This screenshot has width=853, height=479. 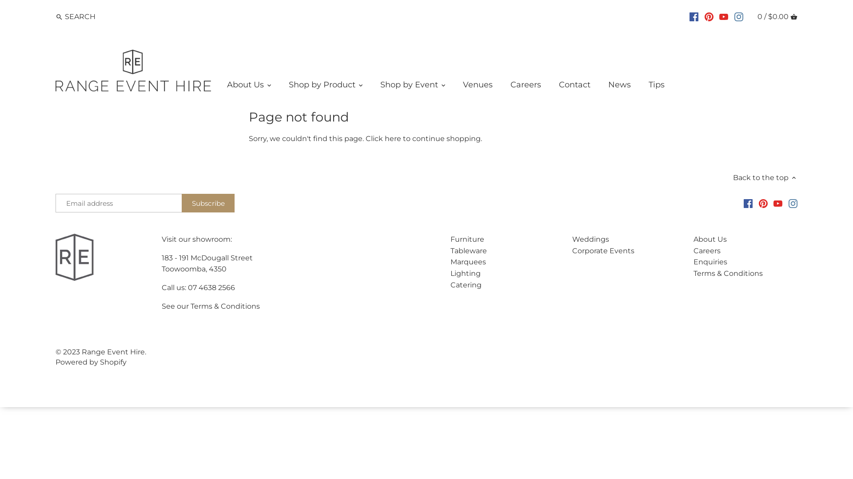 What do you see at coordinates (466, 239) in the screenshot?
I see `'Furniture'` at bounding box center [466, 239].